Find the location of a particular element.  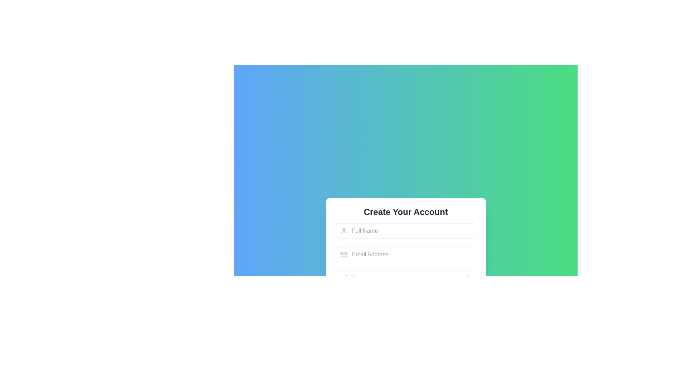

the decorative email icon located to the left of the 'Email Address' input field, which is horizontally aligned with it and vertically below the 'Full Name' input field is located at coordinates (344, 254).